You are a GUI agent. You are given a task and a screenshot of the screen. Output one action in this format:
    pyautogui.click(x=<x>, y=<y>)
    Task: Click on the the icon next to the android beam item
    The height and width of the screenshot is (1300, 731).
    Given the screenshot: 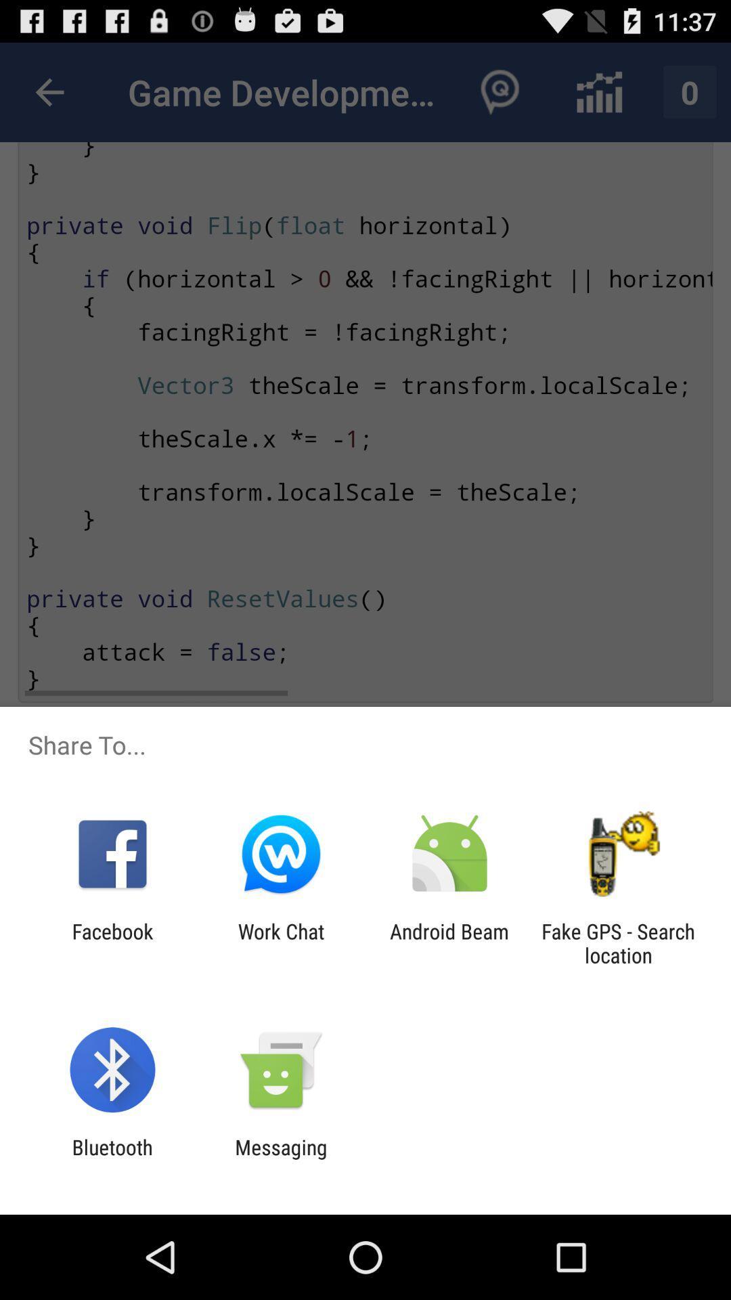 What is the action you would take?
    pyautogui.click(x=618, y=942)
    